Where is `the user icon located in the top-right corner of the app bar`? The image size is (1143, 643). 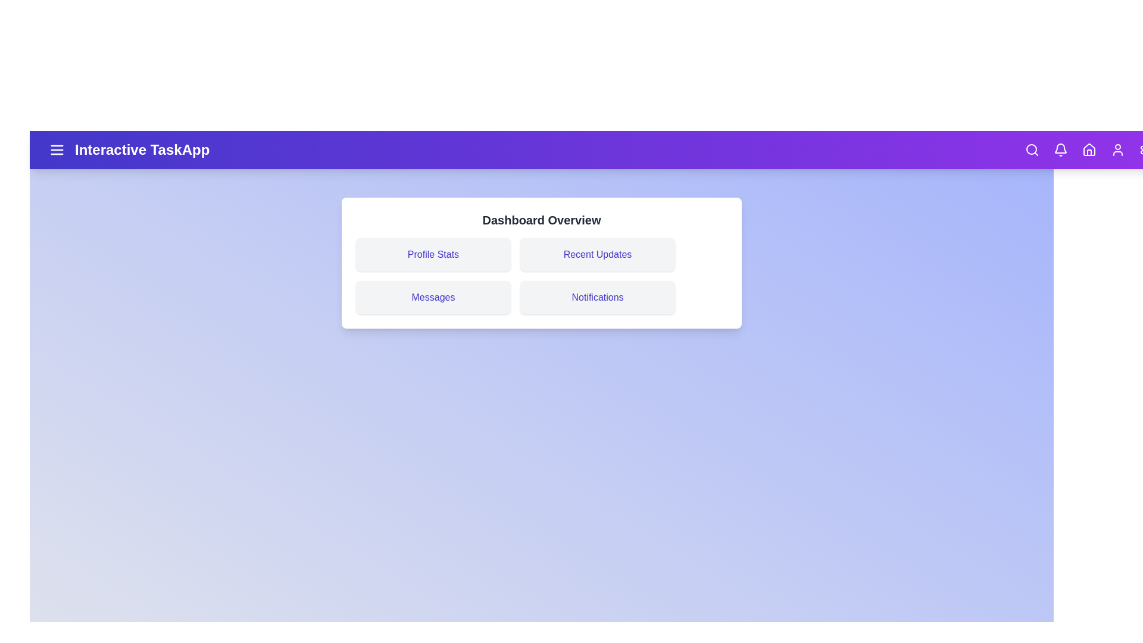
the user icon located in the top-right corner of the app bar is located at coordinates (1117, 149).